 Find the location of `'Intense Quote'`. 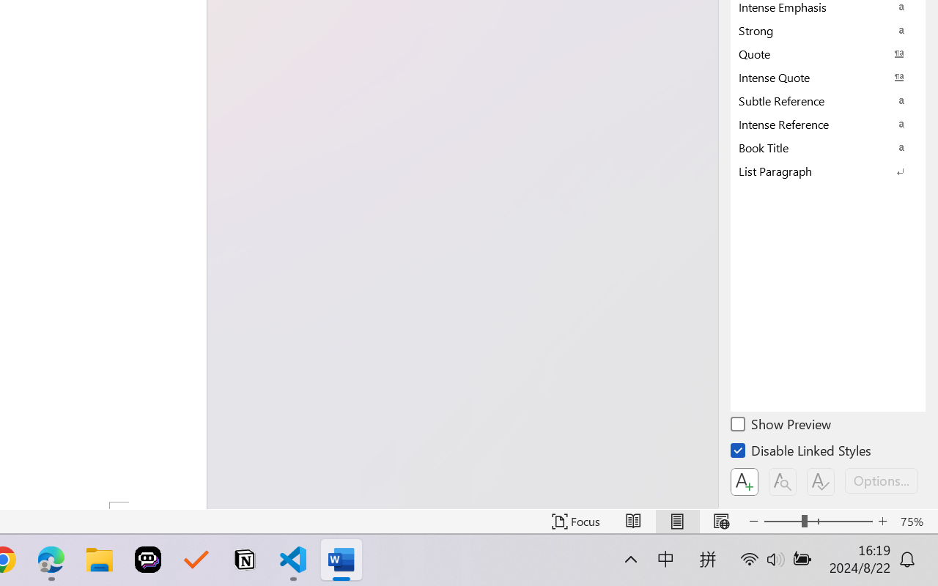

'Intense Quote' is located at coordinates (828, 76).